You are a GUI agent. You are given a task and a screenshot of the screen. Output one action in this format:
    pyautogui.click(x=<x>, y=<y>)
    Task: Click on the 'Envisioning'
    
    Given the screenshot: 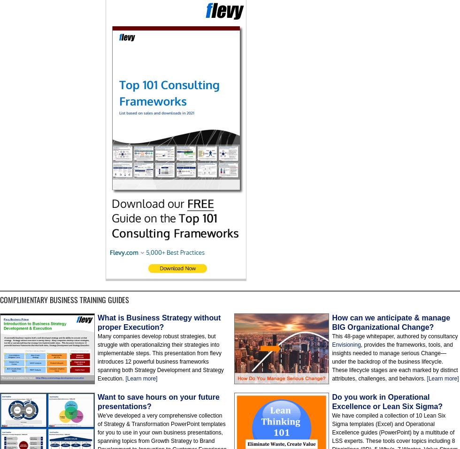 What is the action you would take?
    pyautogui.click(x=346, y=344)
    